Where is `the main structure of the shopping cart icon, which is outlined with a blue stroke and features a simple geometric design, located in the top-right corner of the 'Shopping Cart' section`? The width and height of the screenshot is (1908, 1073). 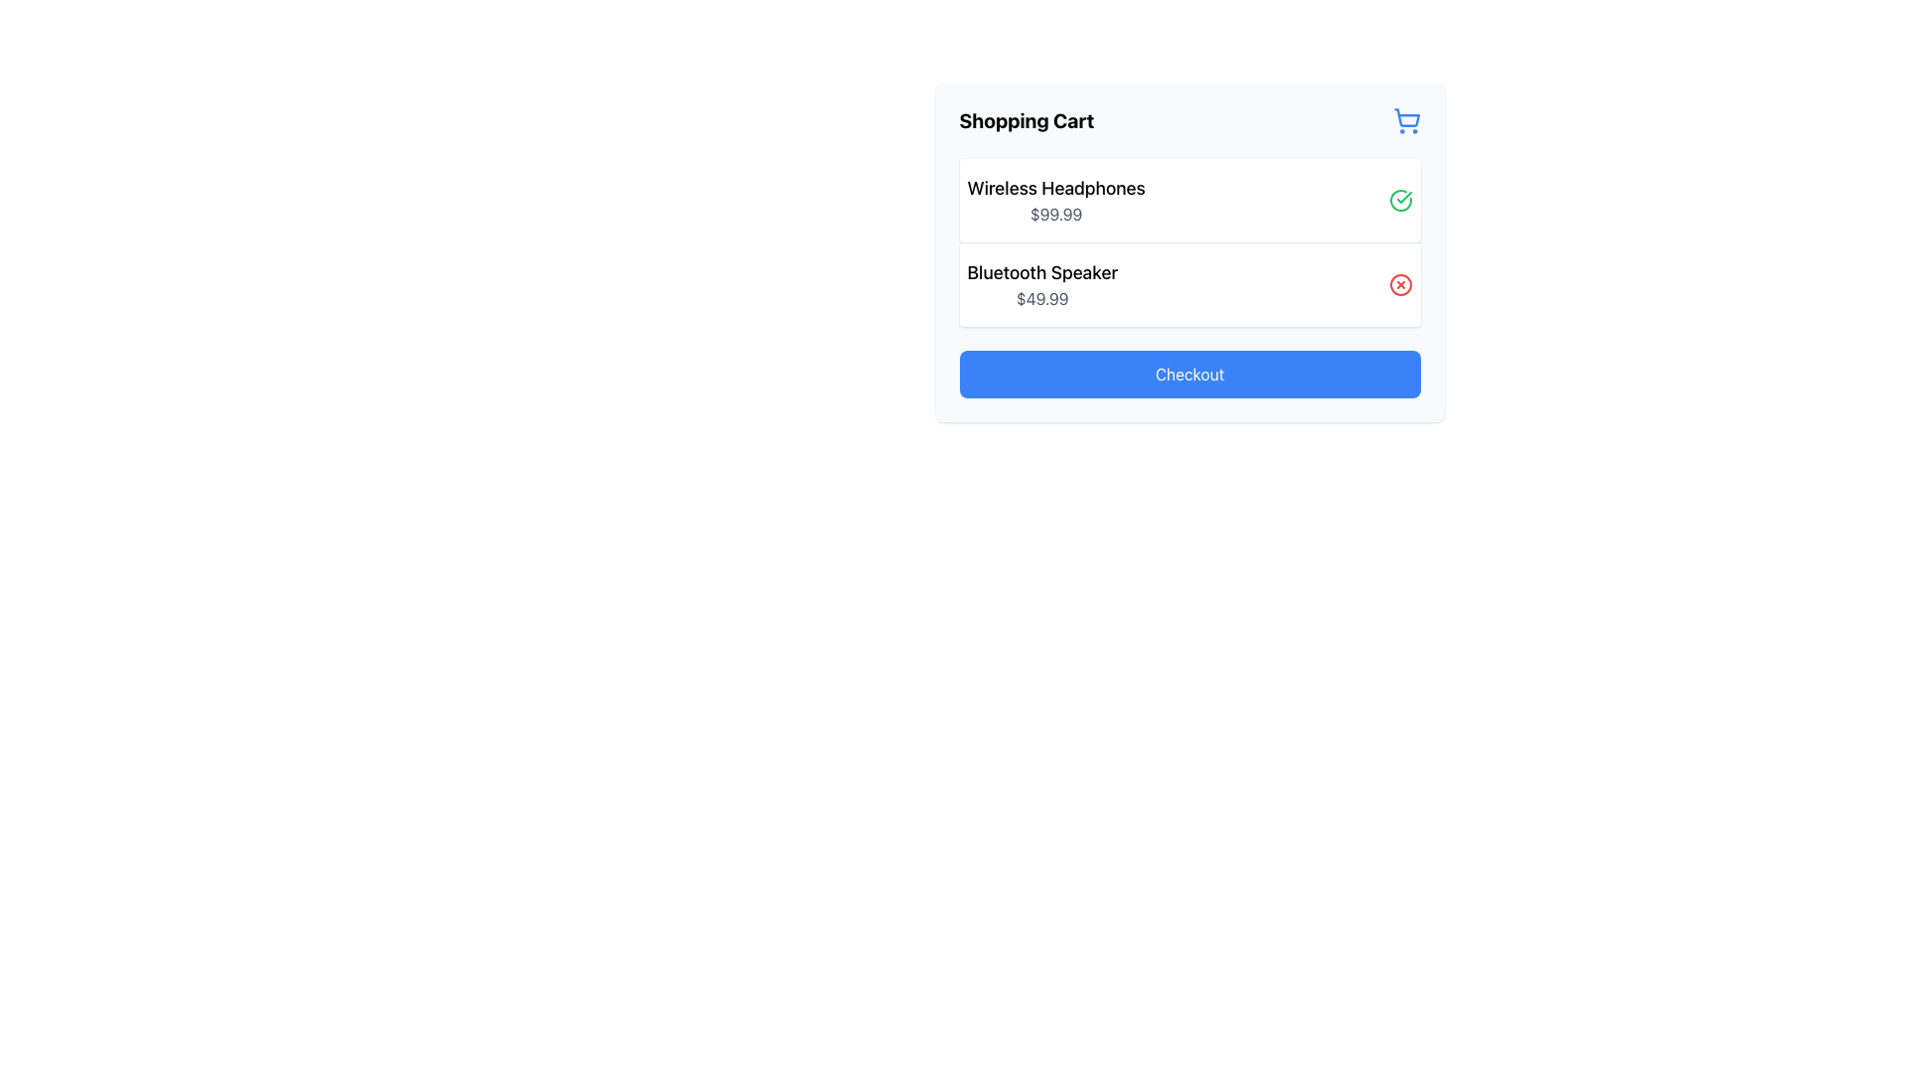 the main structure of the shopping cart icon, which is outlined with a blue stroke and features a simple geometric design, located in the top-right corner of the 'Shopping Cart' section is located at coordinates (1405, 117).